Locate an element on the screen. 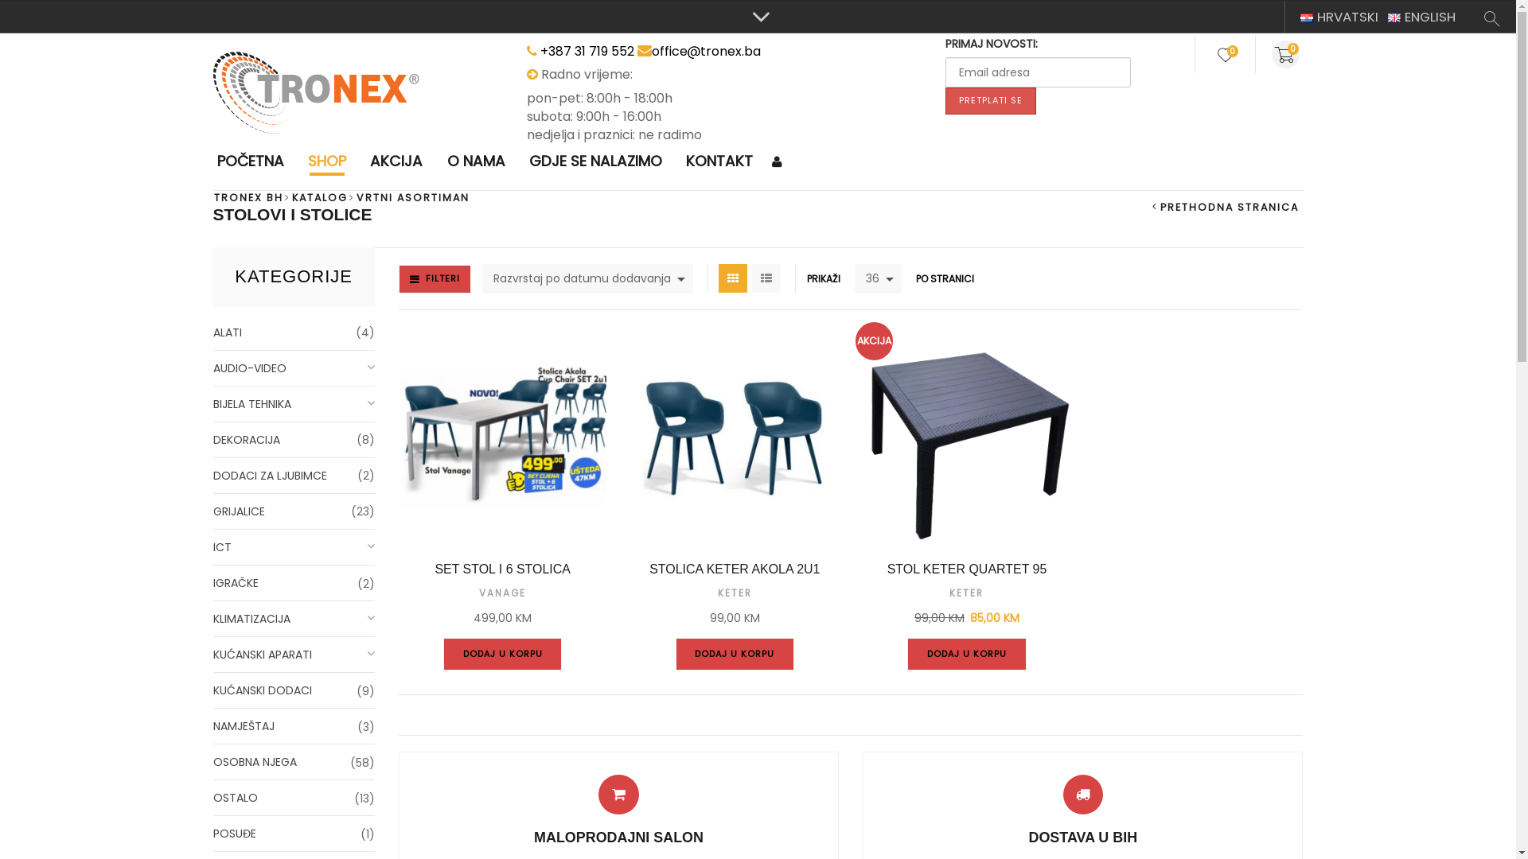 This screenshot has height=859, width=1528. 'SET STOL I 6 STOLICA' is located at coordinates (502, 569).